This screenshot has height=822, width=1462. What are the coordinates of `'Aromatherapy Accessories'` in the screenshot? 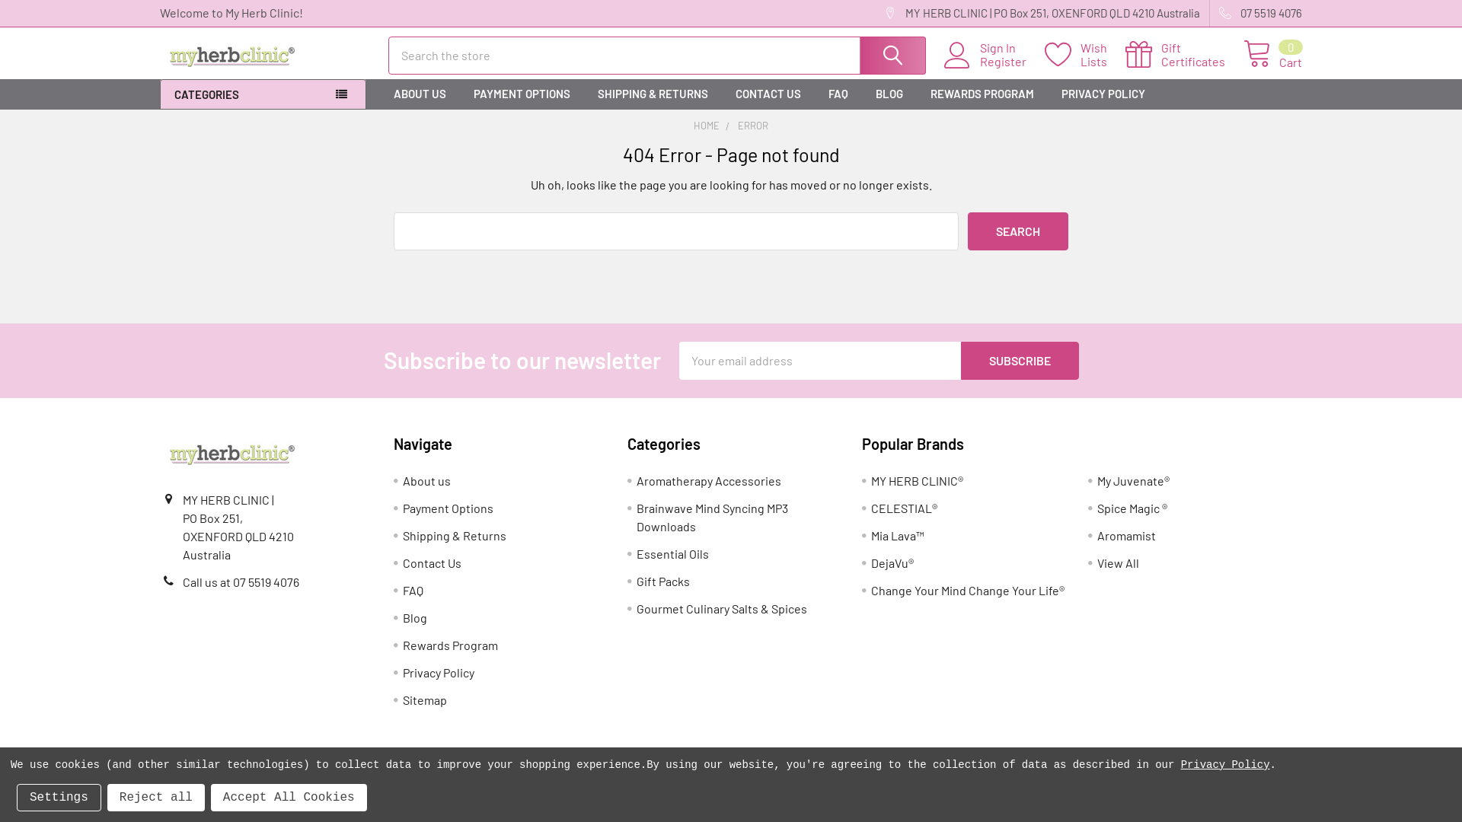 It's located at (708, 480).